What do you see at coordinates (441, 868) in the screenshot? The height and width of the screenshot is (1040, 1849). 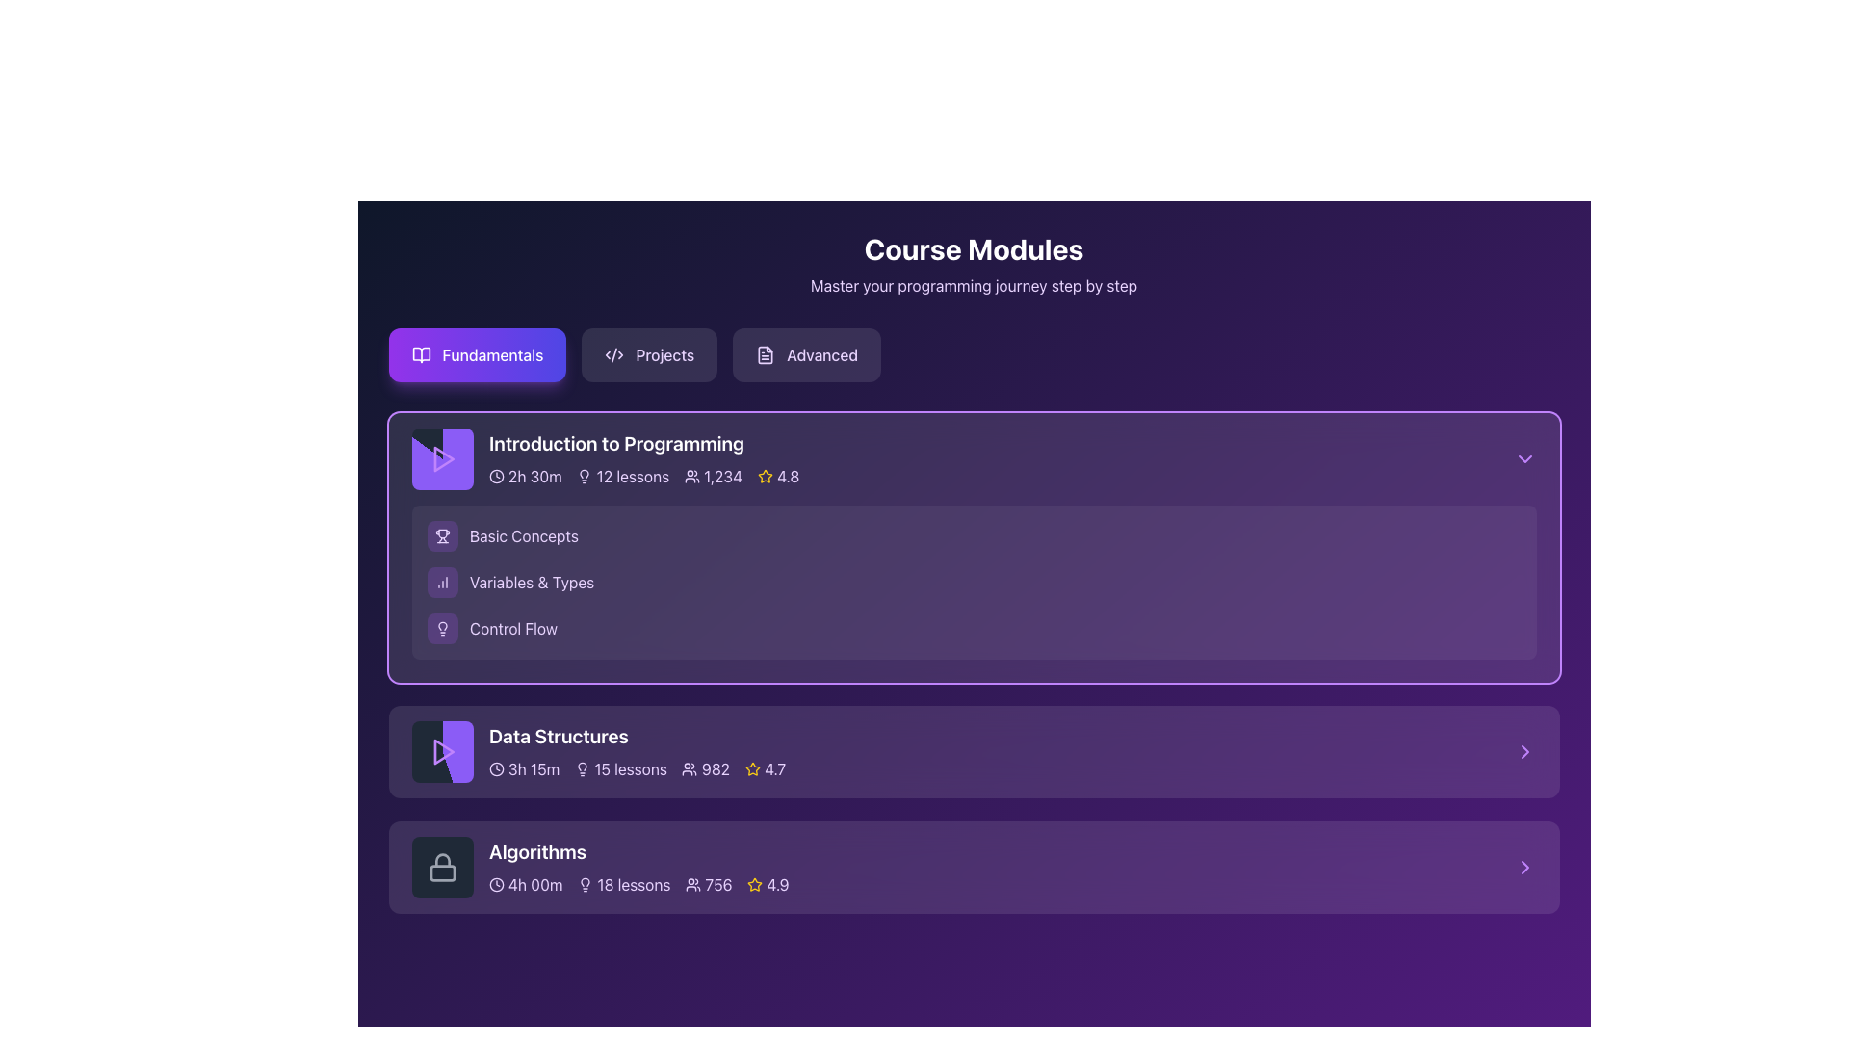 I see `the lock icon located to the far left of the 'Algorithms' section, indicating that the associated content is locked or inaccessible unless certain conditions are met` at bounding box center [441, 868].